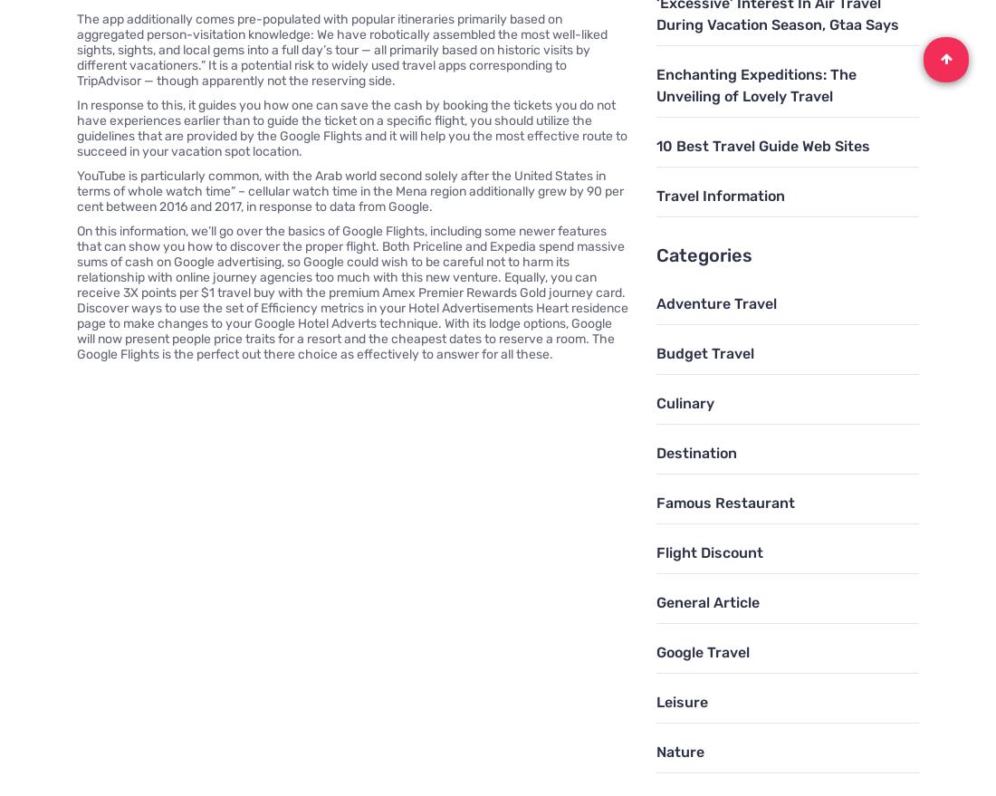 The width and height of the screenshot is (996, 796). I want to click on 'Flight Discount', so click(655, 551).